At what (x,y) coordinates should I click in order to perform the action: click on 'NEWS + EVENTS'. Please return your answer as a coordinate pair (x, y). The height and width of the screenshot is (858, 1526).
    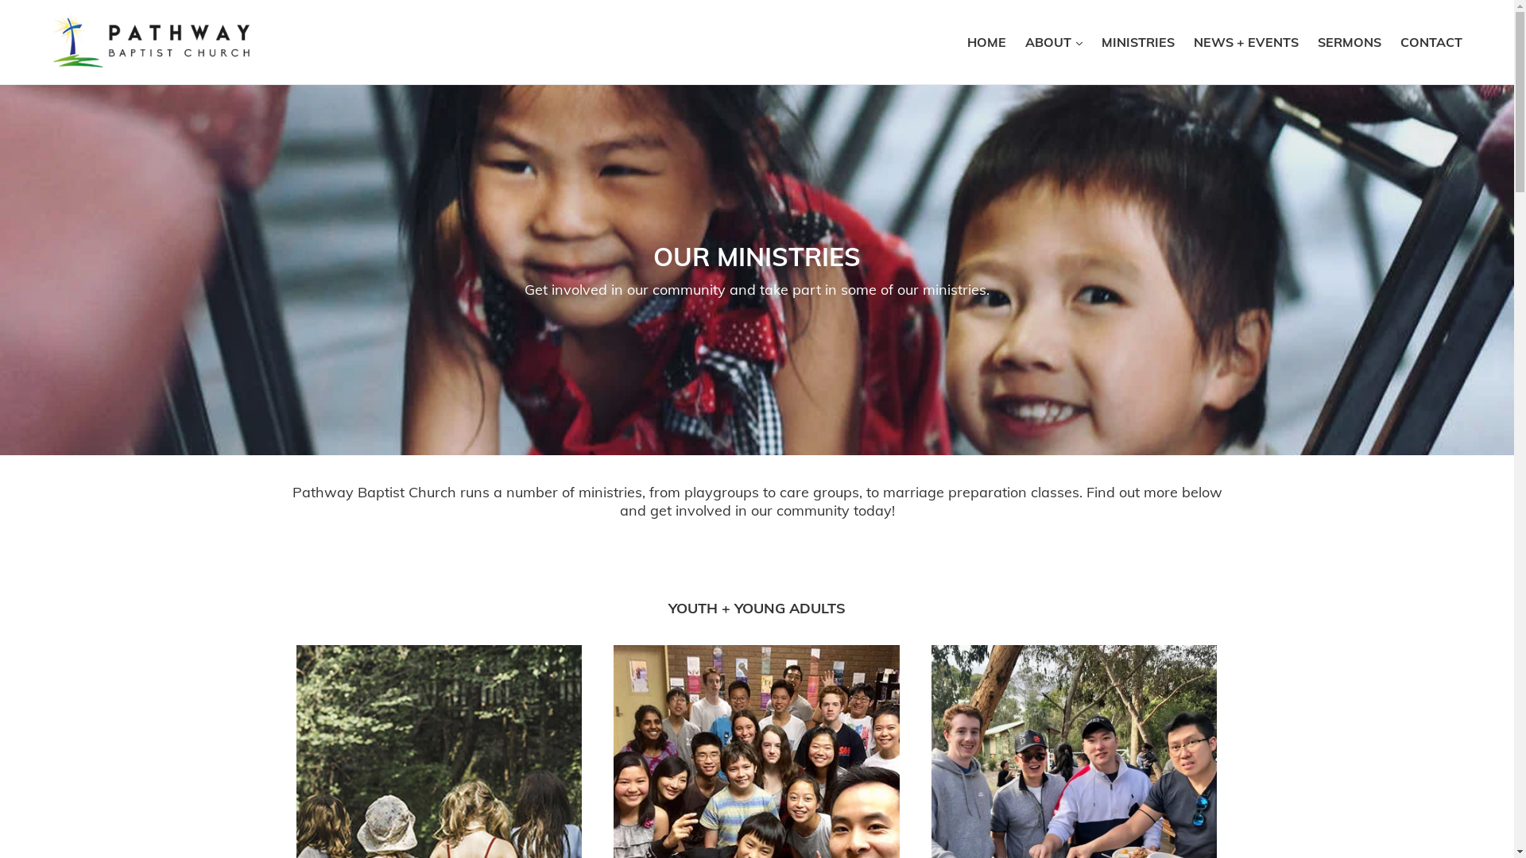
    Looking at the image, I should click on (1245, 41).